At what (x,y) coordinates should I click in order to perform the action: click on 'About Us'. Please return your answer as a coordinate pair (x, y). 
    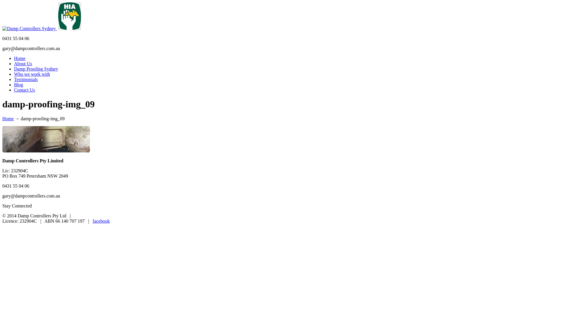
    Looking at the image, I should click on (23, 63).